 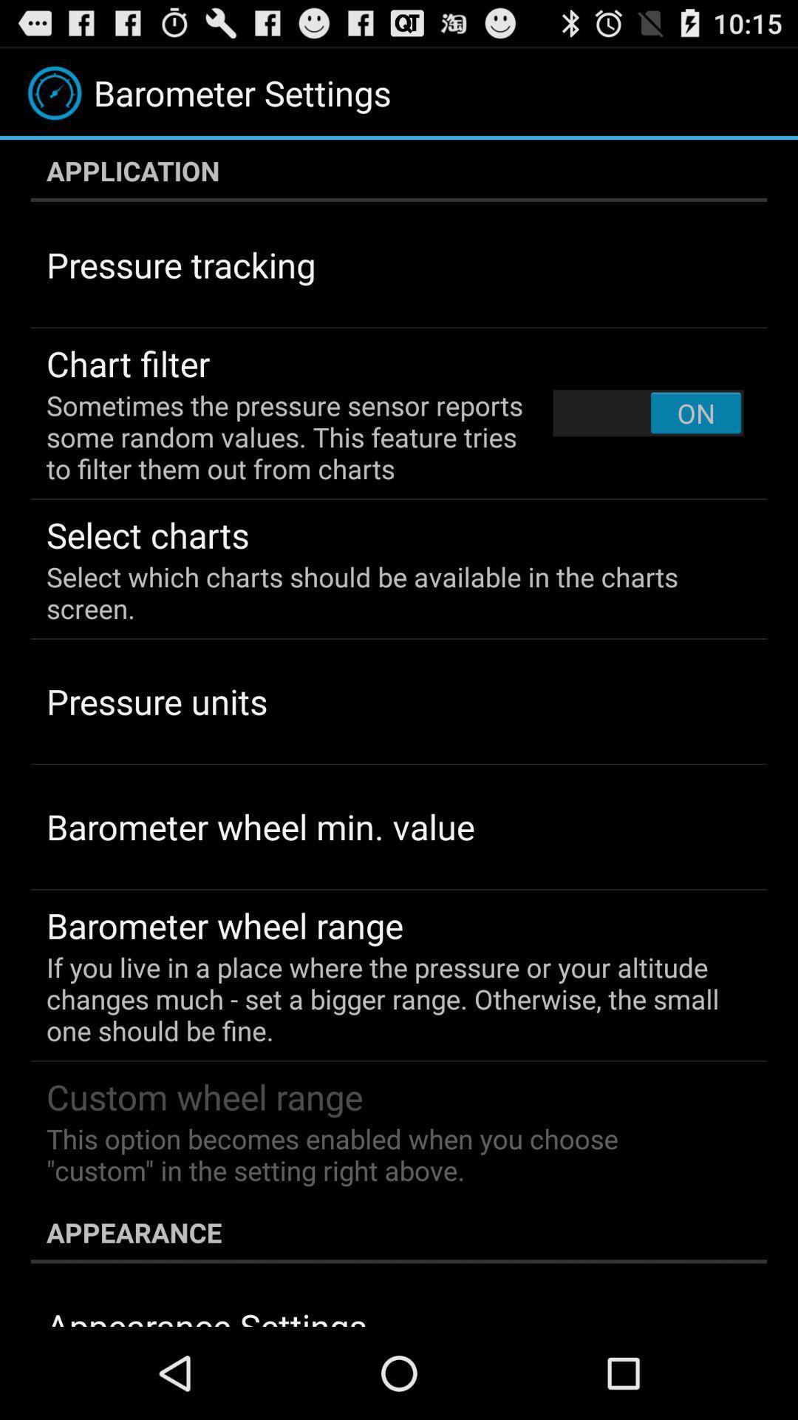 I want to click on if you live, so click(x=388, y=998).